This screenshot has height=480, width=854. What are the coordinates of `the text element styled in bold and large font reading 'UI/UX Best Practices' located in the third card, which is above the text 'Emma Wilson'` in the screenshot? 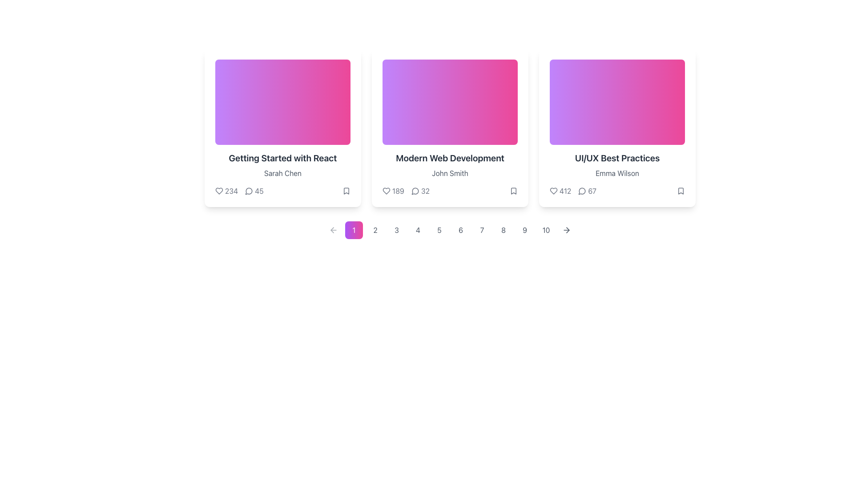 It's located at (616, 157).